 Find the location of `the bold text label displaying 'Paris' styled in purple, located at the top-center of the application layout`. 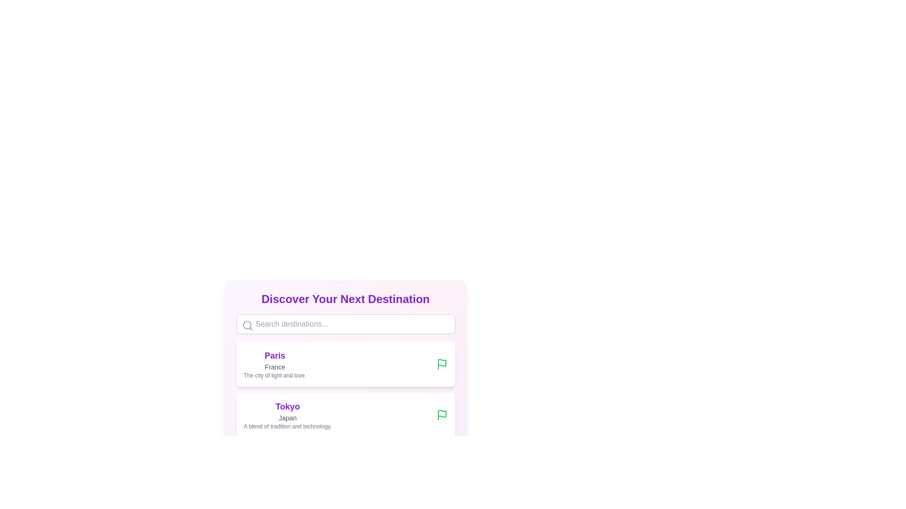

the bold text label displaying 'Paris' styled in purple, located at the top-center of the application layout is located at coordinates (274, 356).